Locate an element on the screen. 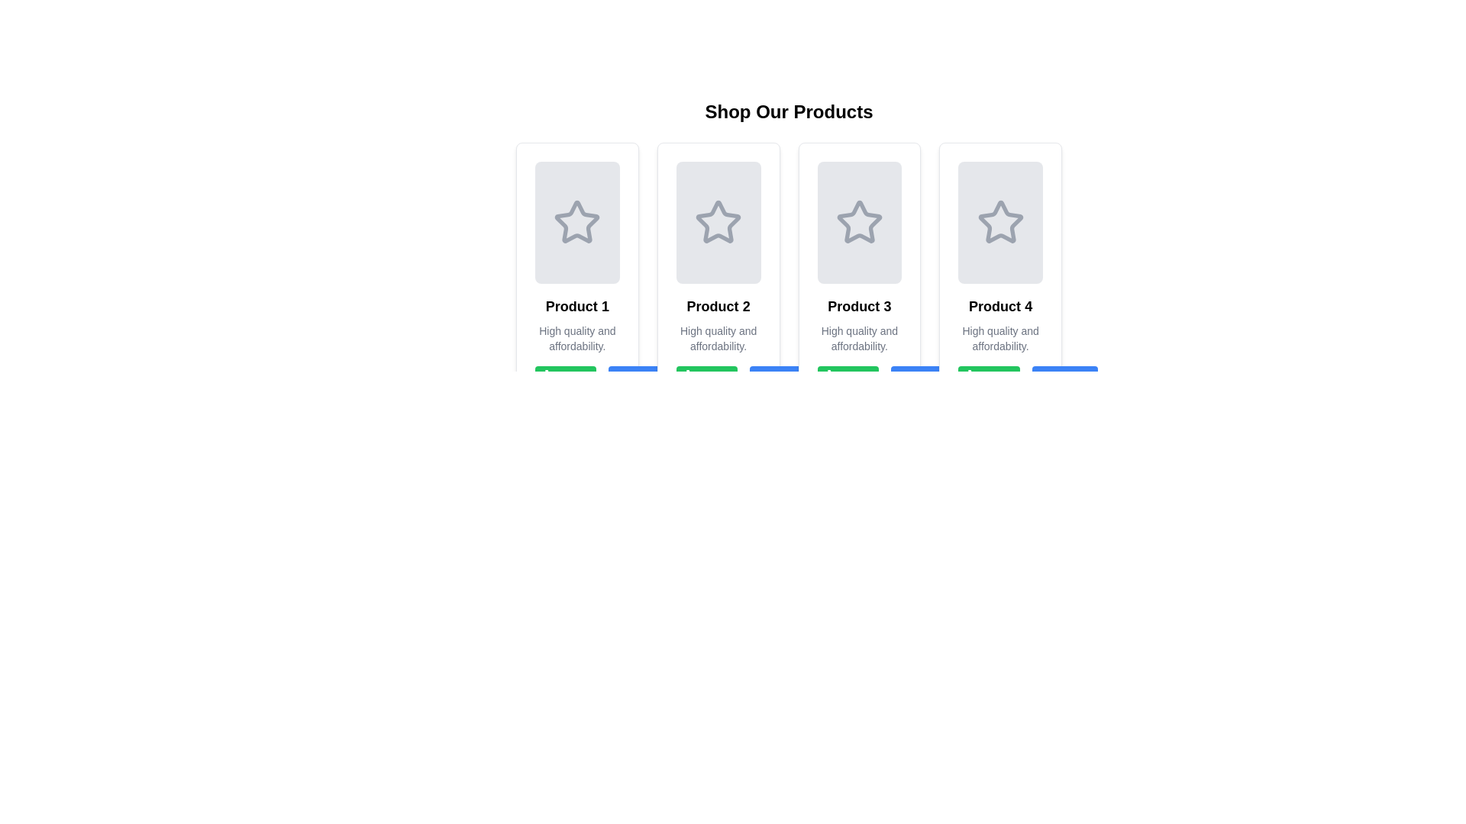 The width and height of the screenshot is (1466, 824). the favorite icon located in the third product card, centrally placed below the product image and description is located at coordinates (845, 378).